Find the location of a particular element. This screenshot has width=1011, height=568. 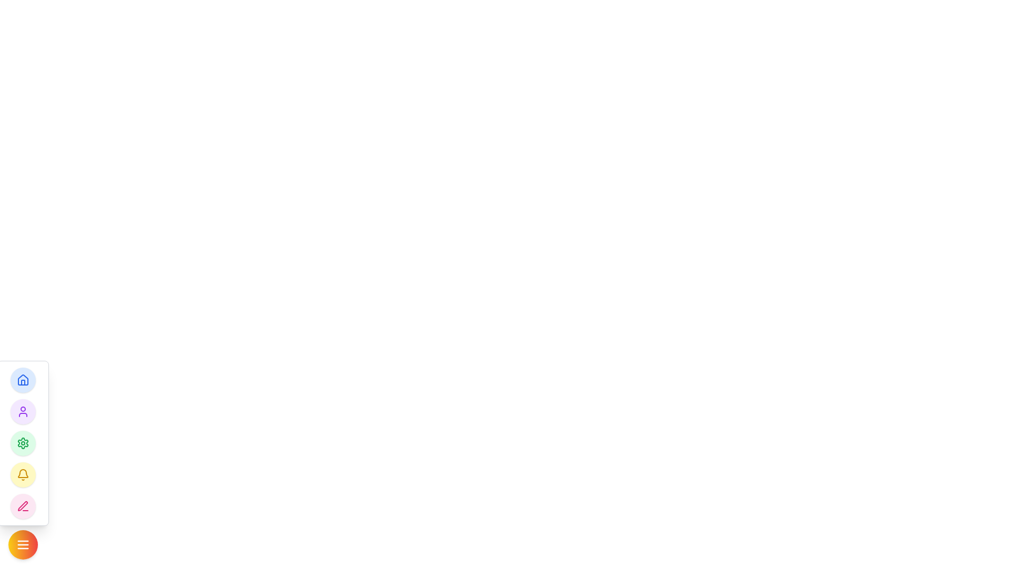

the blue house icon, which is enclosed within a circular background is located at coordinates (23, 380).